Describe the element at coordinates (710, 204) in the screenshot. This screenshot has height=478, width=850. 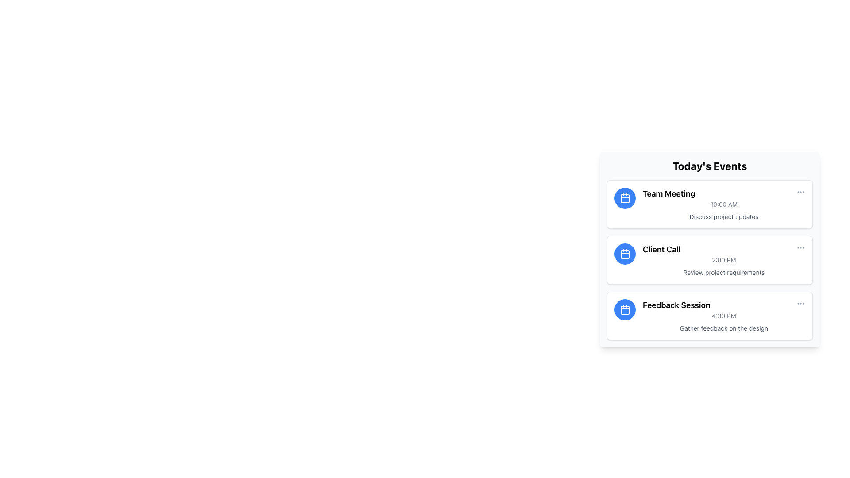
I see `details about the 'Team Meeting' event from the first List Item Card in the 'Today's Events' section, which features a calendar icon and the text '10:00 AM' and 'Discuss project updates'` at that location.